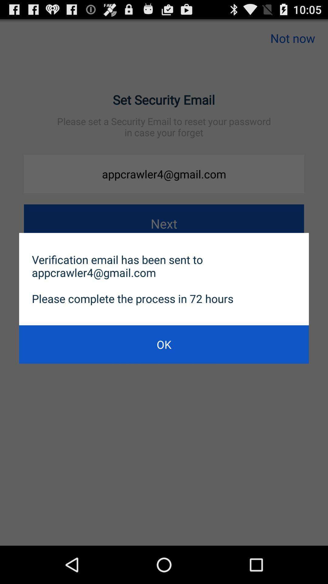 This screenshot has width=328, height=584. I want to click on the ok icon, so click(164, 344).